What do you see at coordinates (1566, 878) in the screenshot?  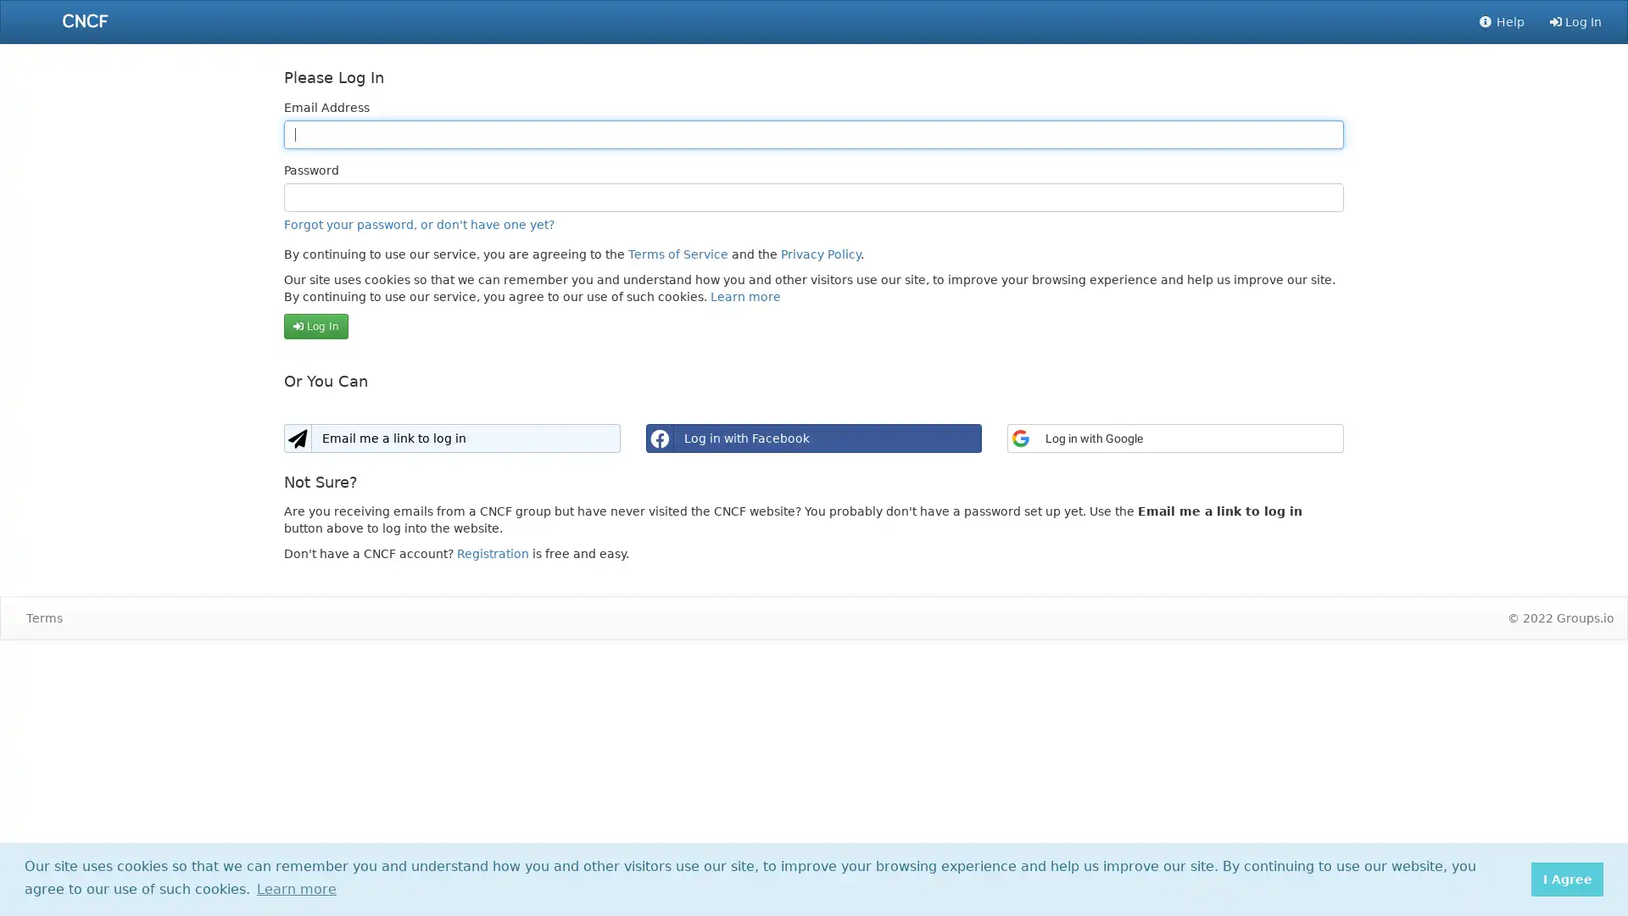 I see `dismiss cookie message` at bounding box center [1566, 878].